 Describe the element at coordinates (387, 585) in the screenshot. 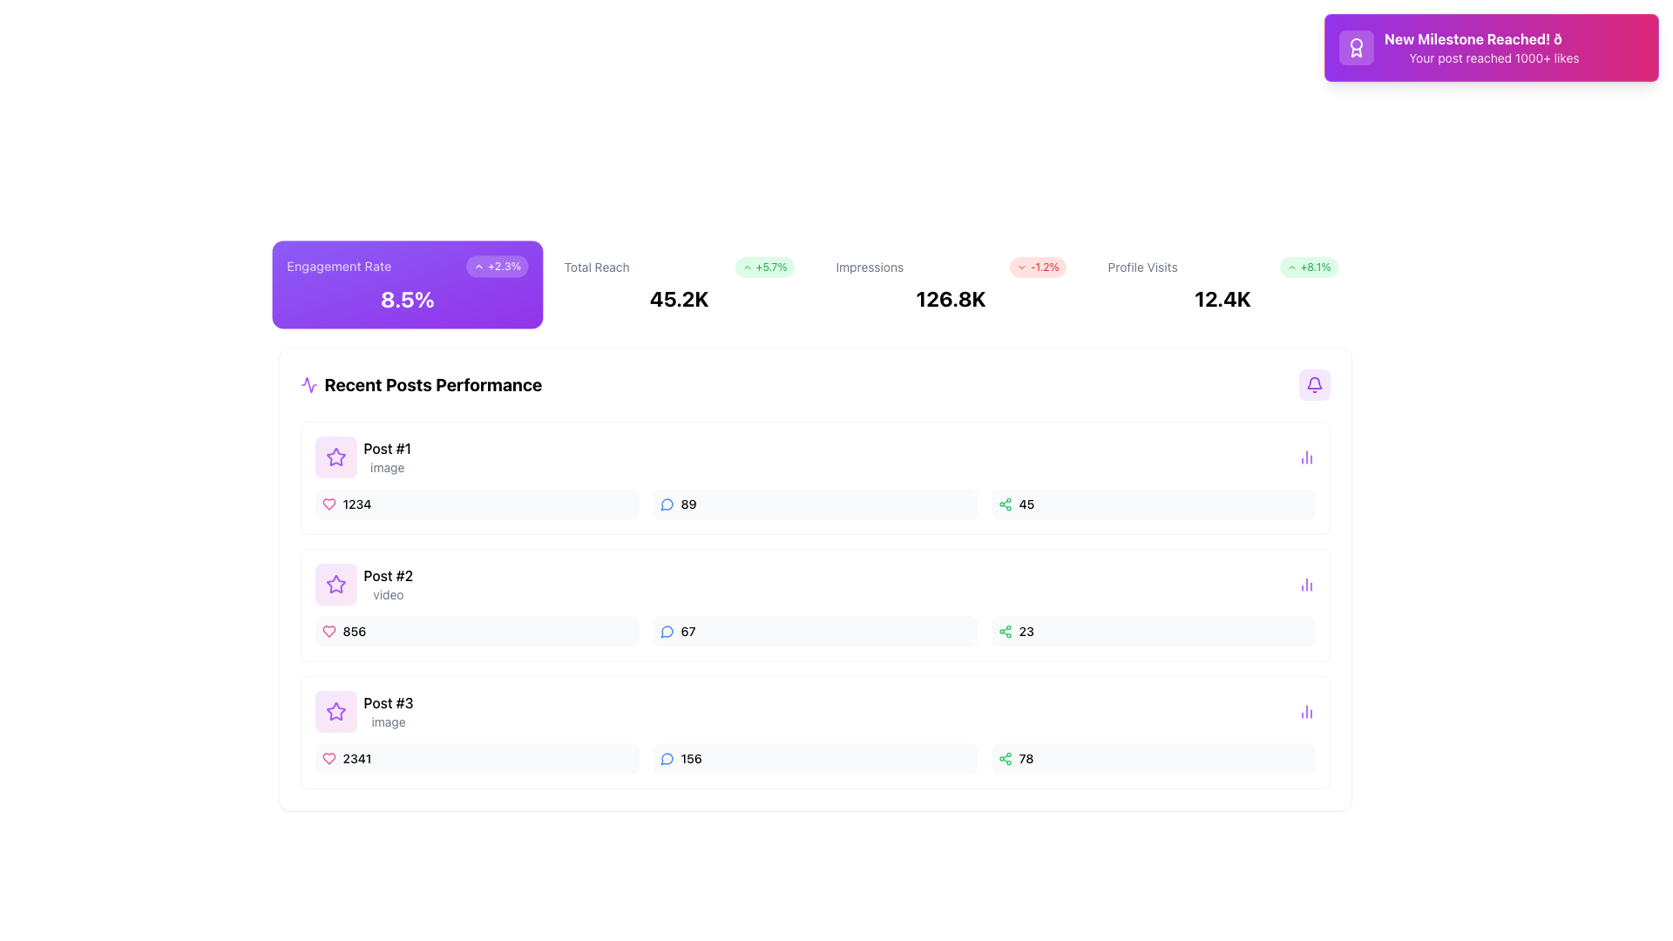

I see `text block containing 'Post #2' and 'video' located in the second entry of the 'Recent Posts Performance' section` at that location.